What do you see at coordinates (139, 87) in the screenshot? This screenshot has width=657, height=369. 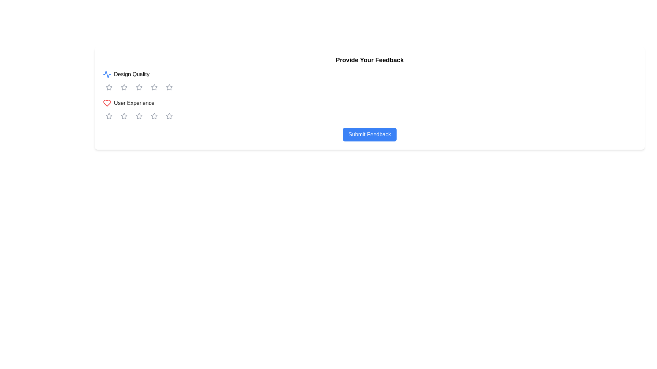 I see `the second star-shaped icon in the rating control for 'Design Quality'` at bounding box center [139, 87].